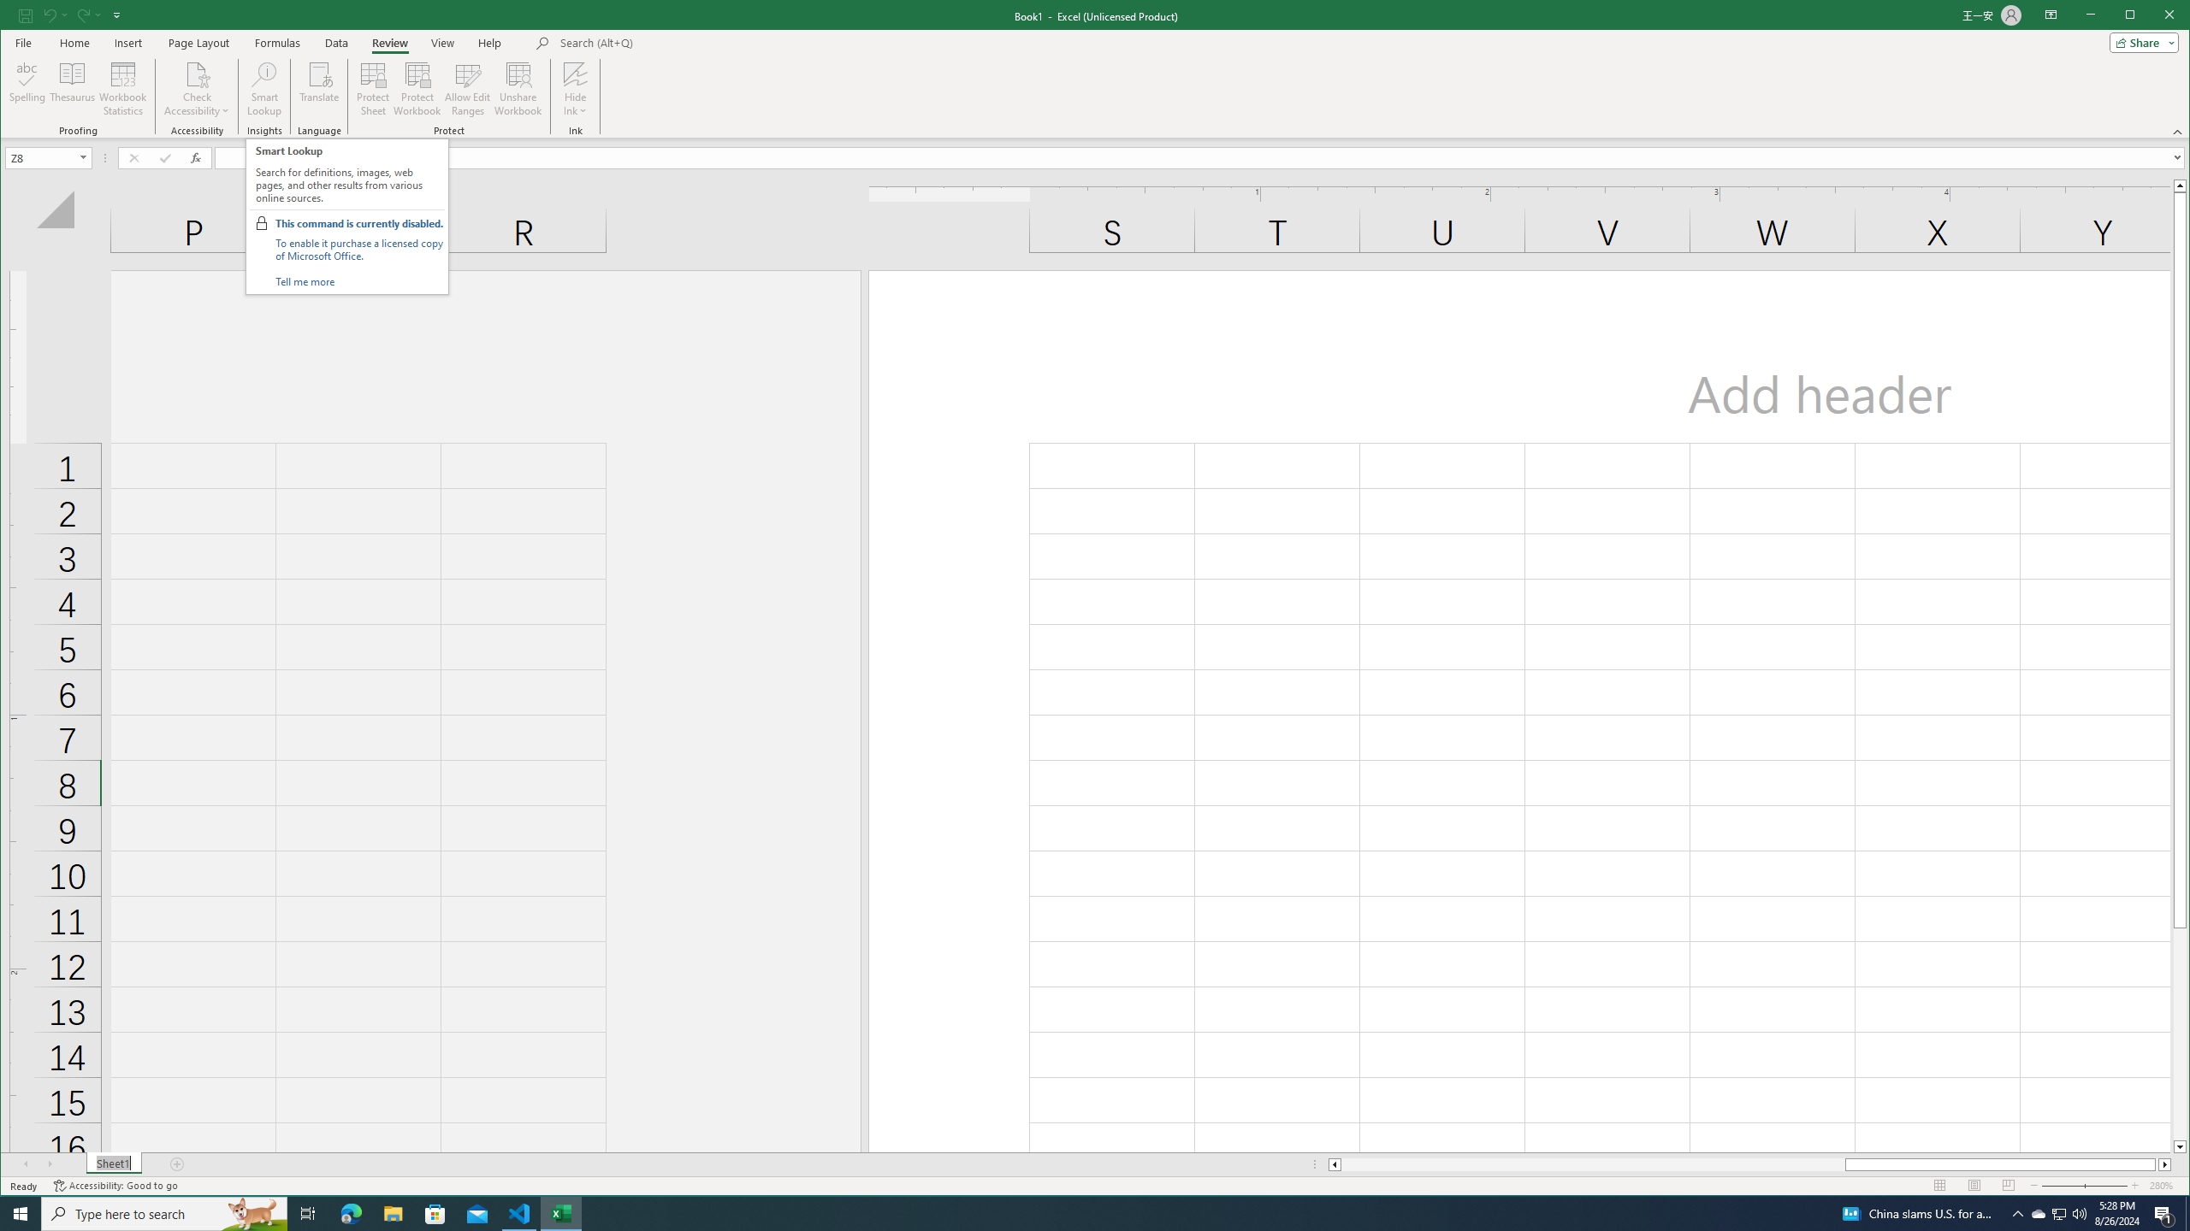 The width and height of the screenshot is (2190, 1231). Describe the element at coordinates (2165, 1164) in the screenshot. I see `'Column right'` at that location.